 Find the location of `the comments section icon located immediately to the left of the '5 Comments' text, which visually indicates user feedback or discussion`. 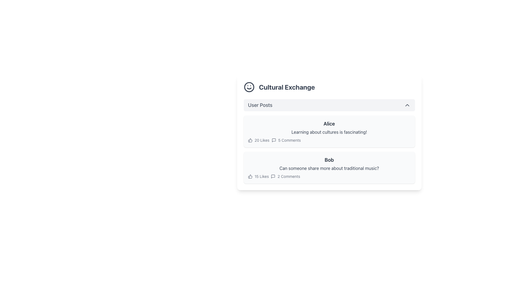

the comments section icon located immediately to the left of the '5 Comments' text, which visually indicates user feedback or discussion is located at coordinates (274, 140).